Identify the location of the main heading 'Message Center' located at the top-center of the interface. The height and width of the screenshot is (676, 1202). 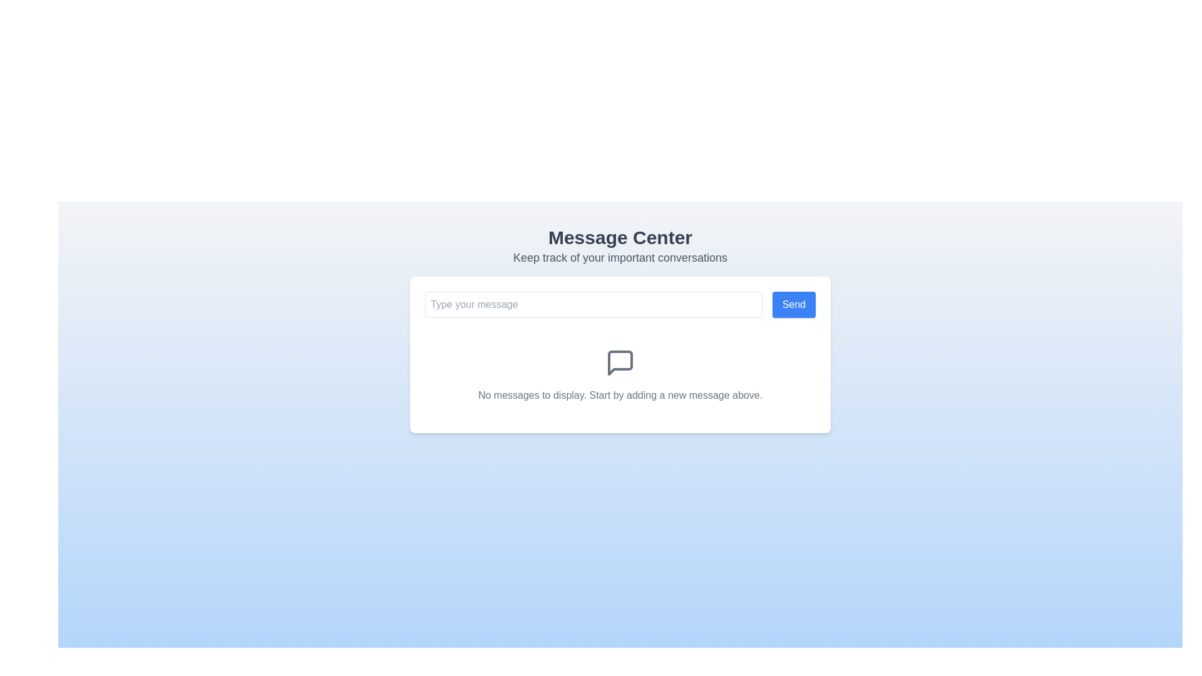
(620, 238).